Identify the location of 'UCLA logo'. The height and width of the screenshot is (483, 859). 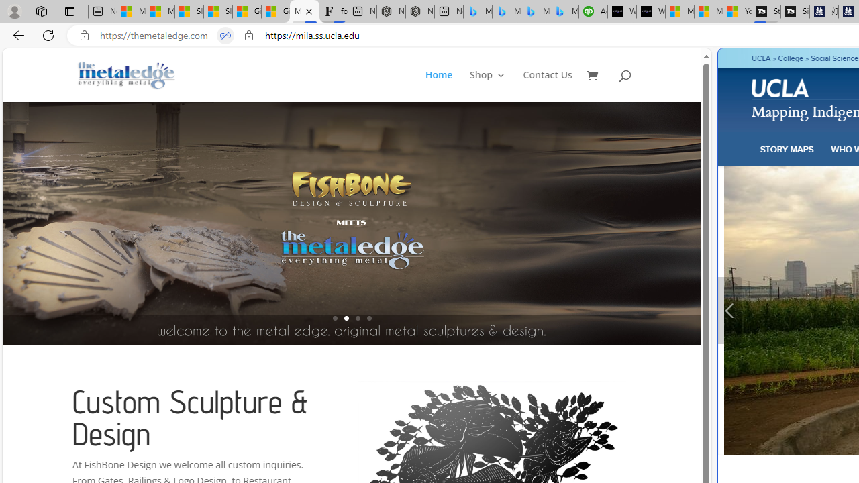
(780, 87).